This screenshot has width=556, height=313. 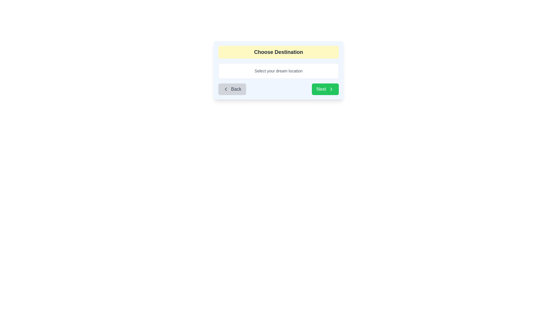 I want to click on the leftward-pointing chevron icon within the back button located to the left of the 'Next' button, so click(x=225, y=89).